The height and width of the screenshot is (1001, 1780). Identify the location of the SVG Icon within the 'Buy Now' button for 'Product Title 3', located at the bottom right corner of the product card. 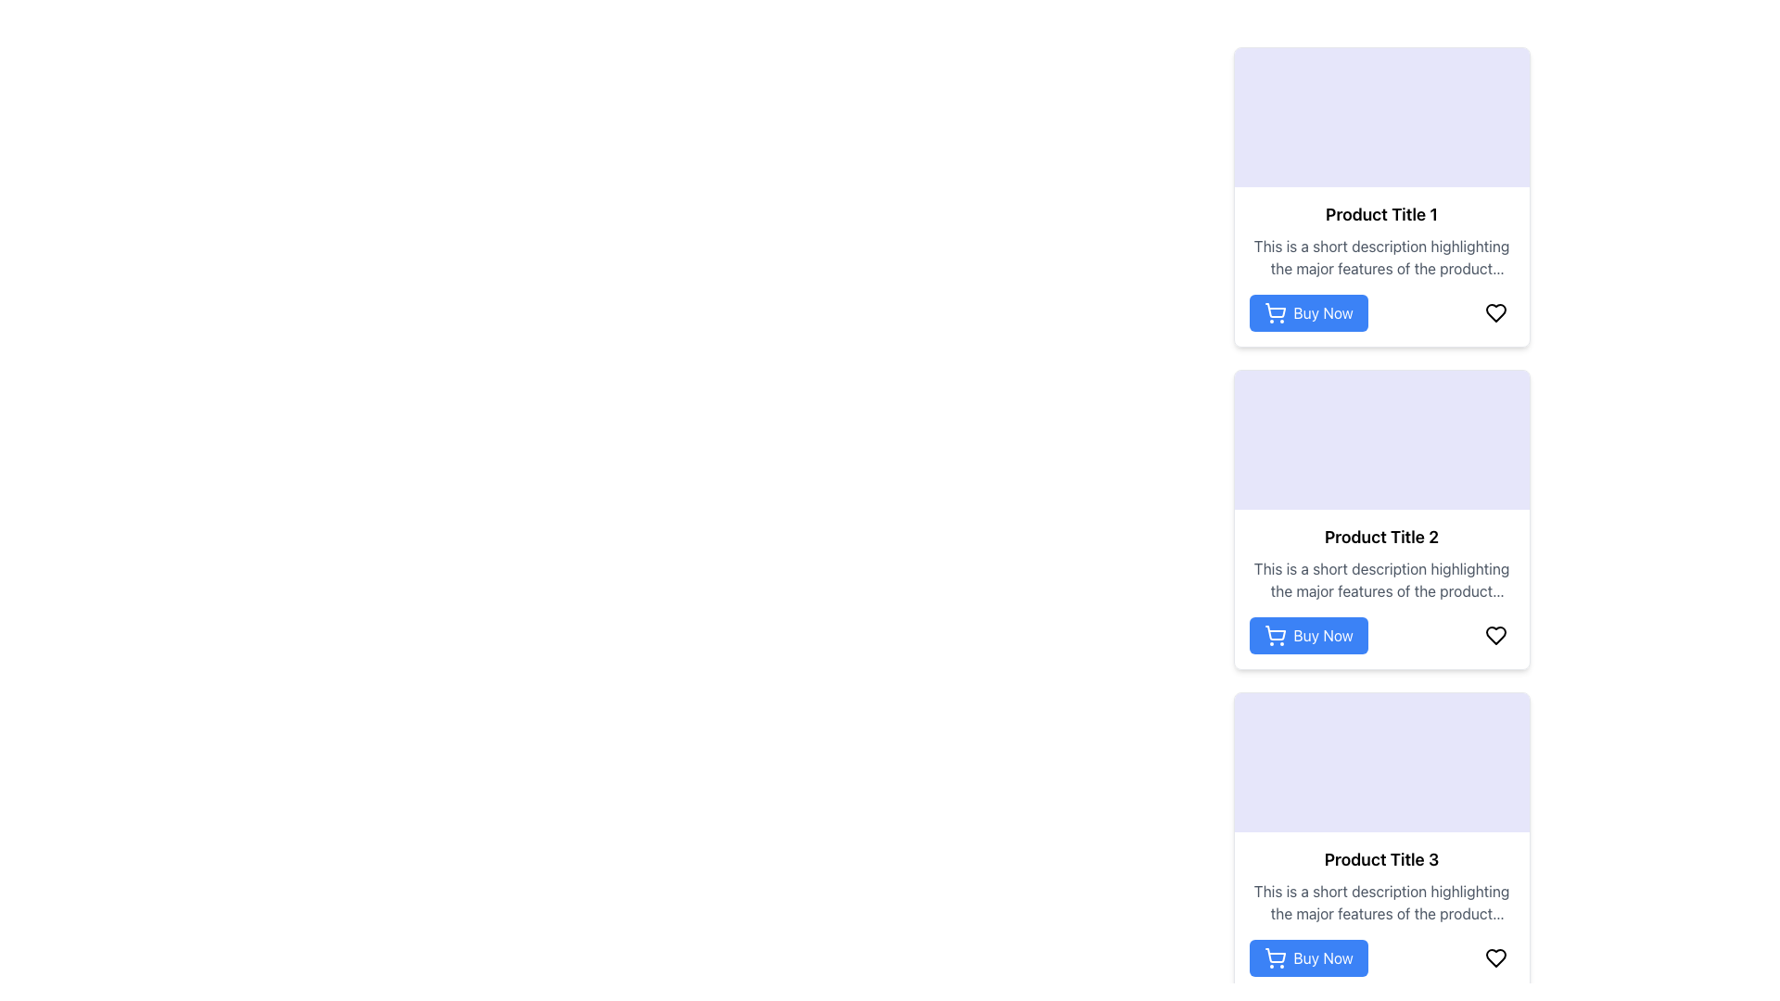
(1274, 956).